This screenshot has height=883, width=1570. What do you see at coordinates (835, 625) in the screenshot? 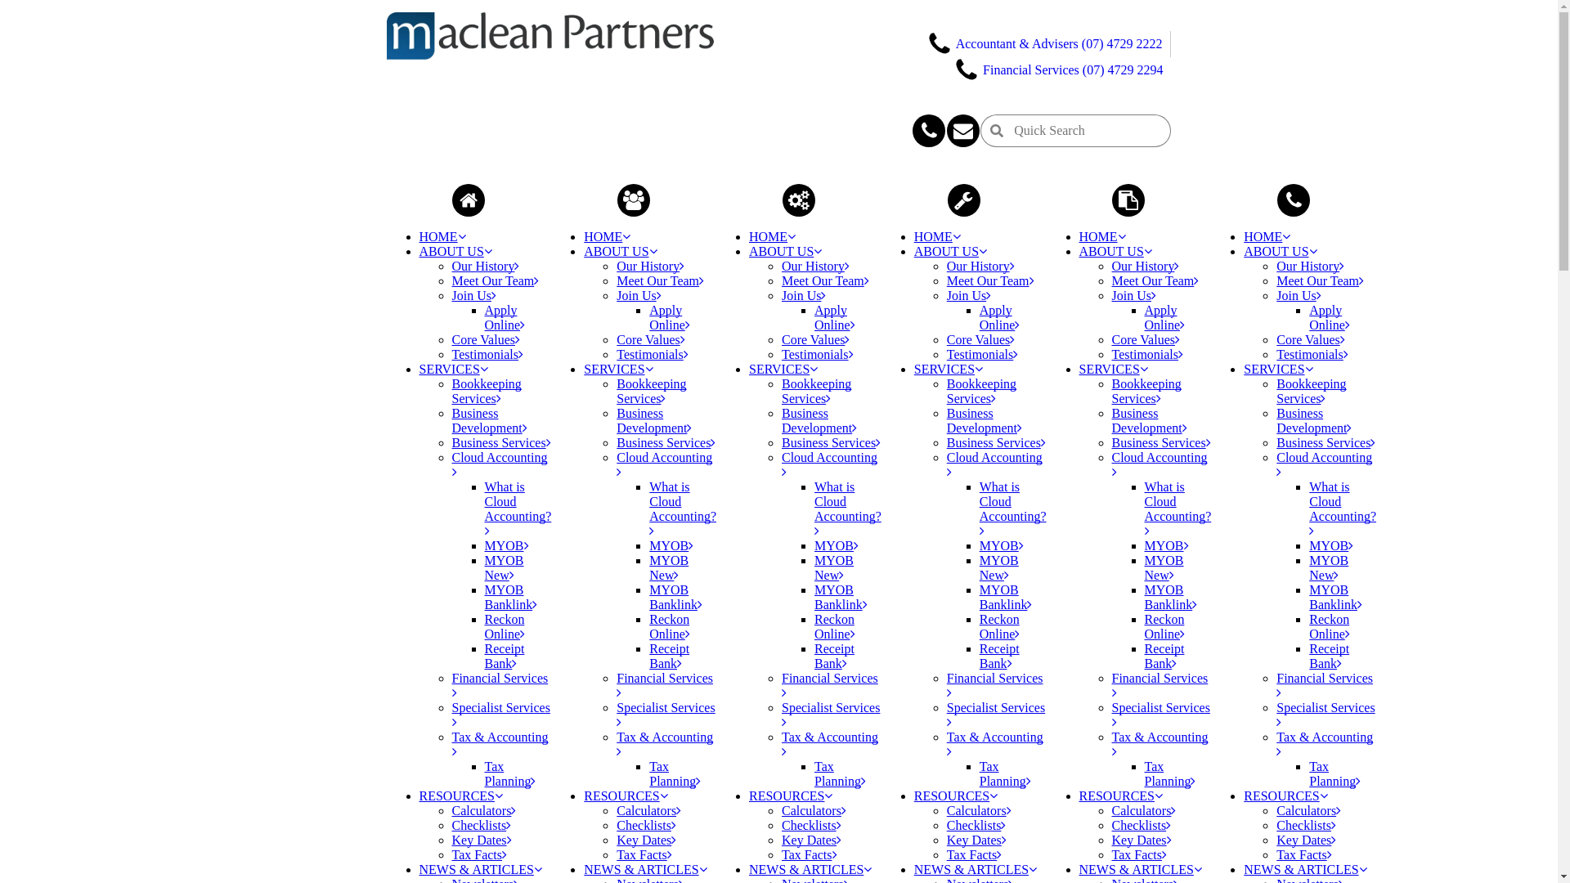
I see `'Reckon Online'` at bounding box center [835, 625].